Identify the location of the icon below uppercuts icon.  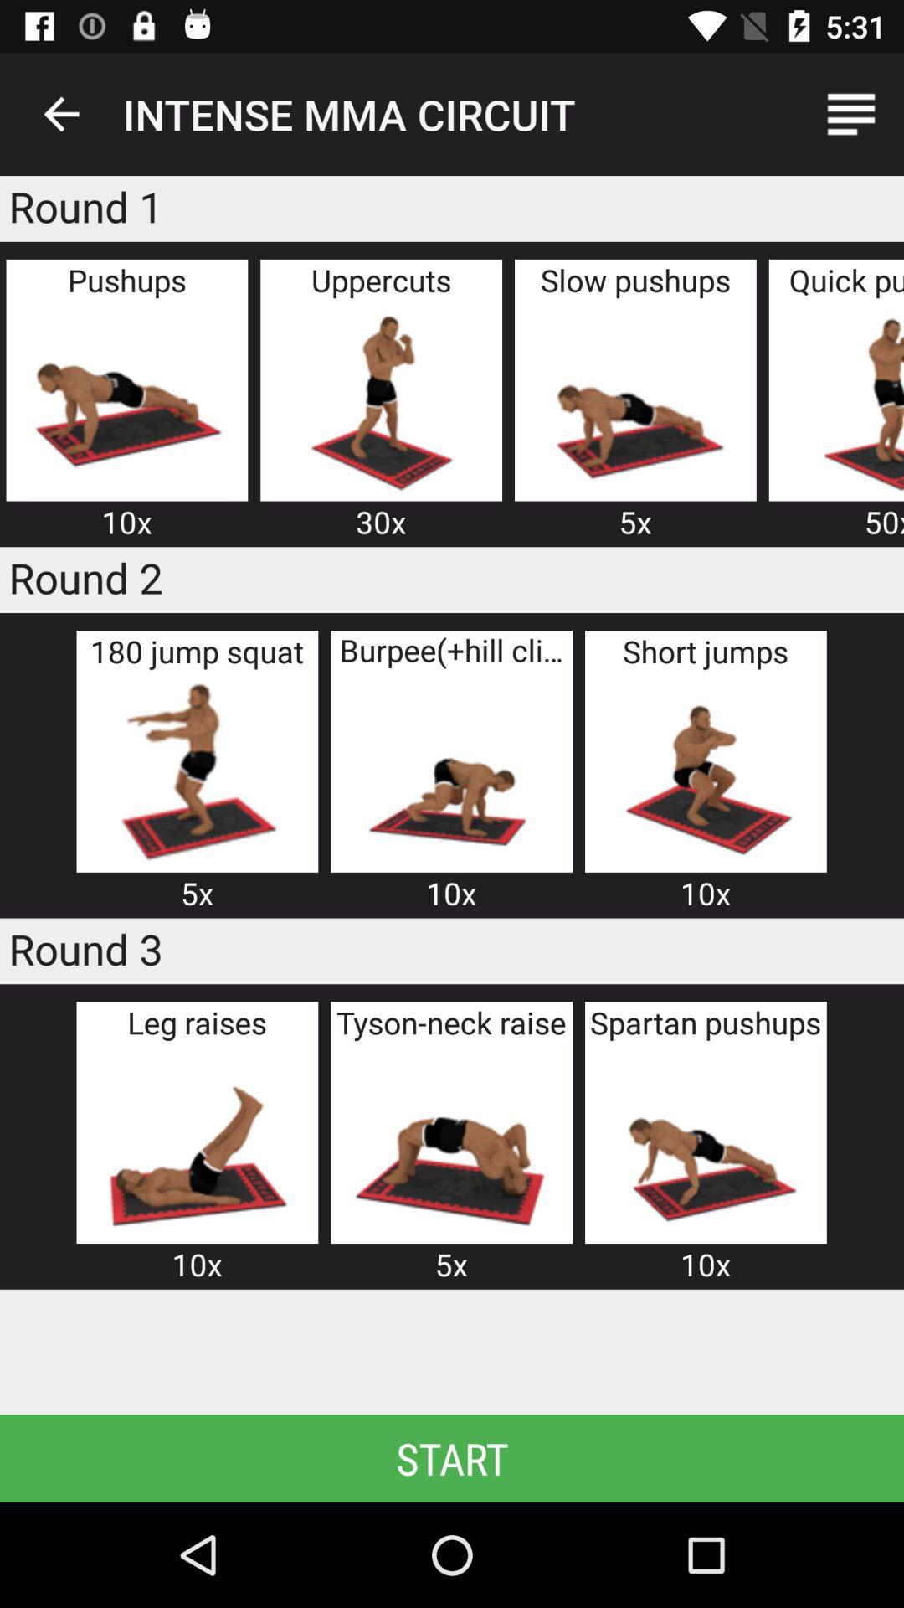
(381, 399).